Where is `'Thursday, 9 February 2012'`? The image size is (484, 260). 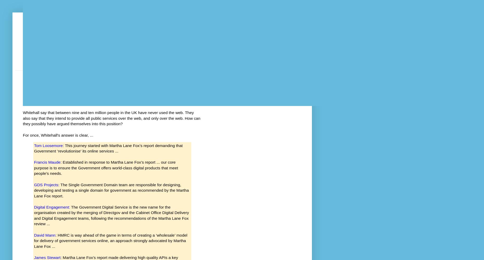
'Thursday, 9 February 2012' is located at coordinates (44, 80).